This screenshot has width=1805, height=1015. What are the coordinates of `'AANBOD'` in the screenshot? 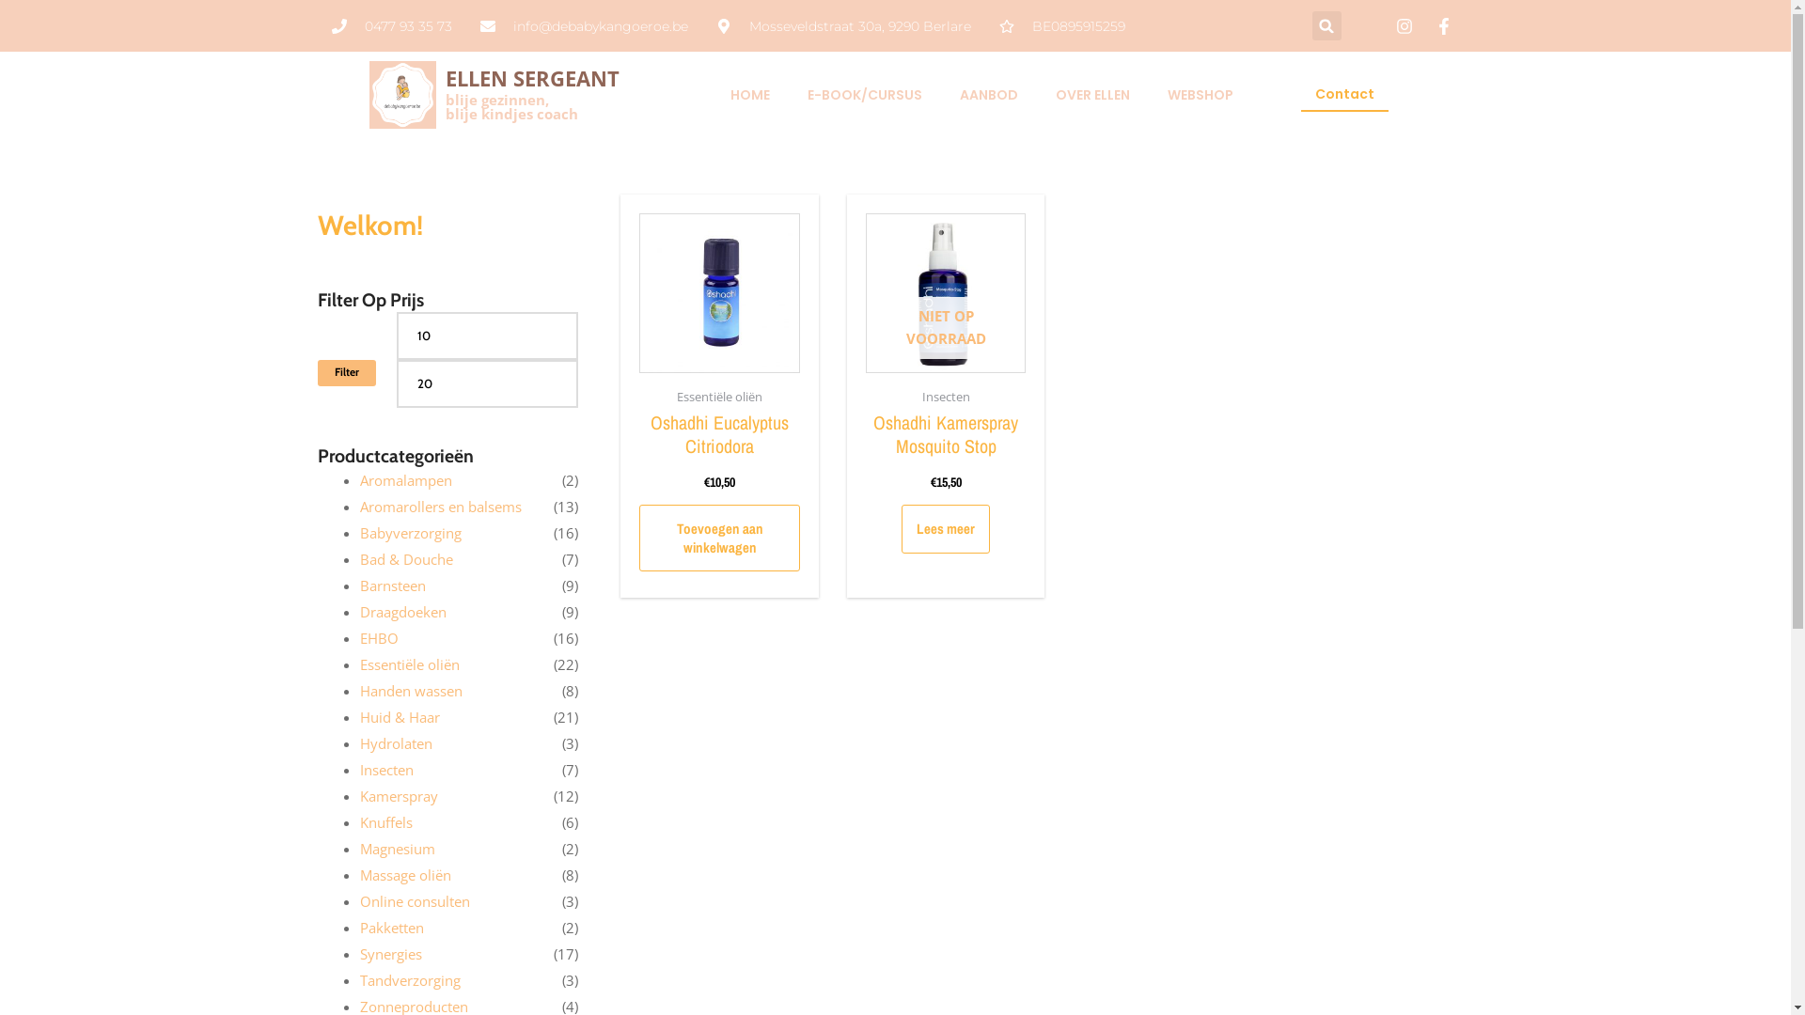 It's located at (987, 94).